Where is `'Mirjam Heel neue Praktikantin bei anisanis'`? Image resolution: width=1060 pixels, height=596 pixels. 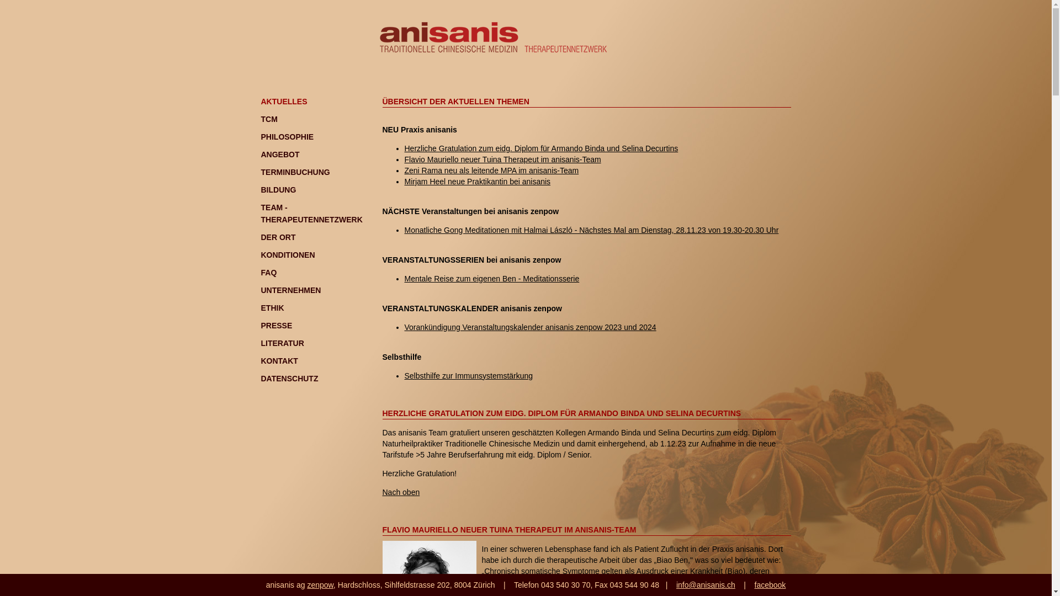
'Mirjam Heel neue Praktikantin bei anisanis' is located at coordinates (477, 180).